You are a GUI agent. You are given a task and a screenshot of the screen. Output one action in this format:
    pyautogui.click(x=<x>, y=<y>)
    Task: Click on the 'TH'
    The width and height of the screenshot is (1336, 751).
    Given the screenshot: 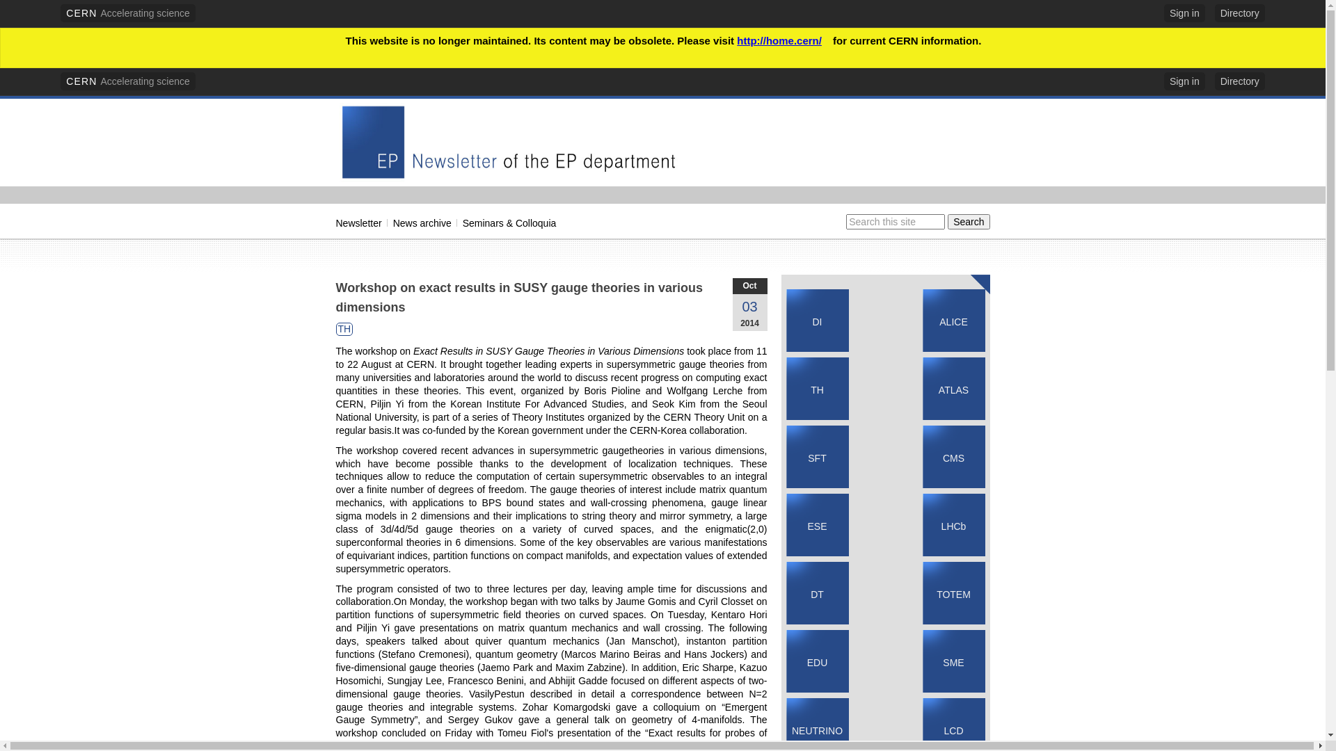 What is the action you would take?
    pyautogui.click(x=337, y=329)
    